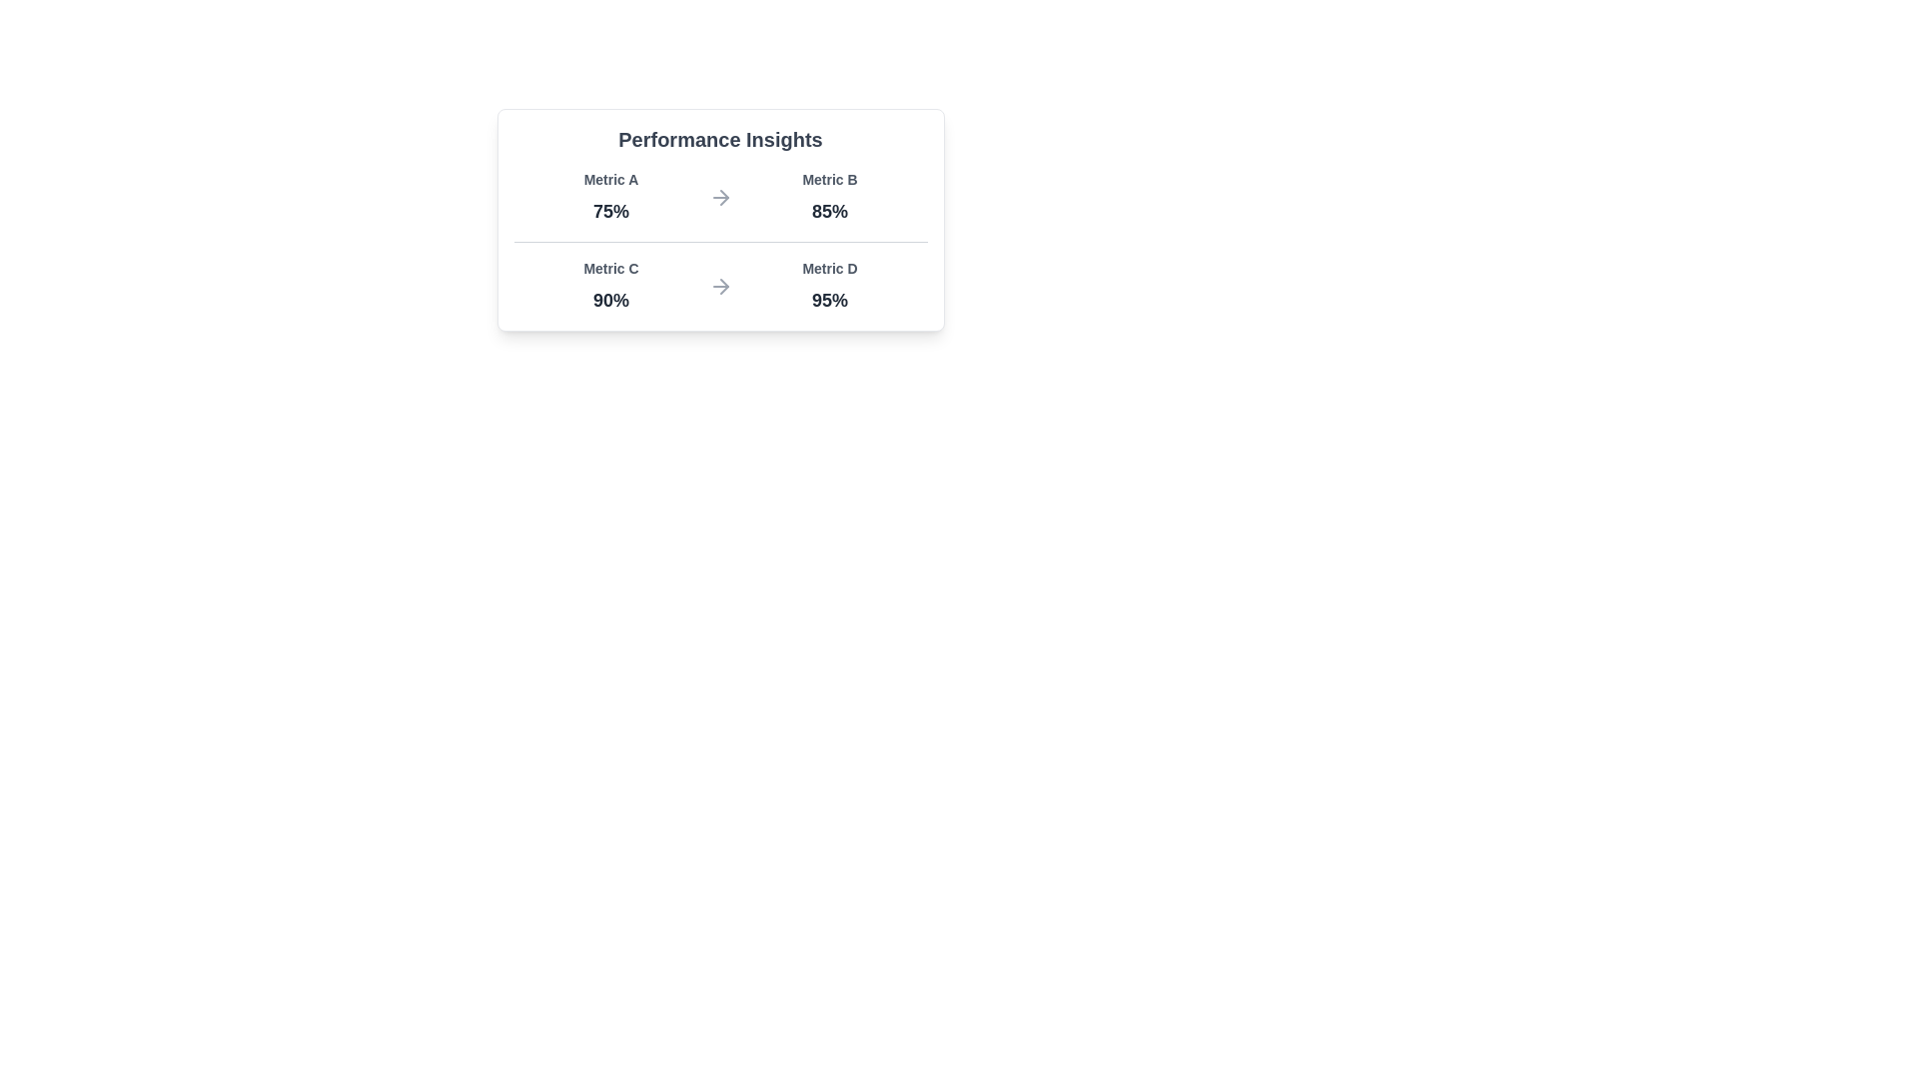 The width and height of the screenshot is (1918, 1079). Describe the element at coordinates (829, 212) in the screenshot. I see `the static text displaying '85%' which is bold and grayish-black, located below the label 'Metric B' in the top-right quadrant of the performance insight area to invoke any tooltip if available` at that location.